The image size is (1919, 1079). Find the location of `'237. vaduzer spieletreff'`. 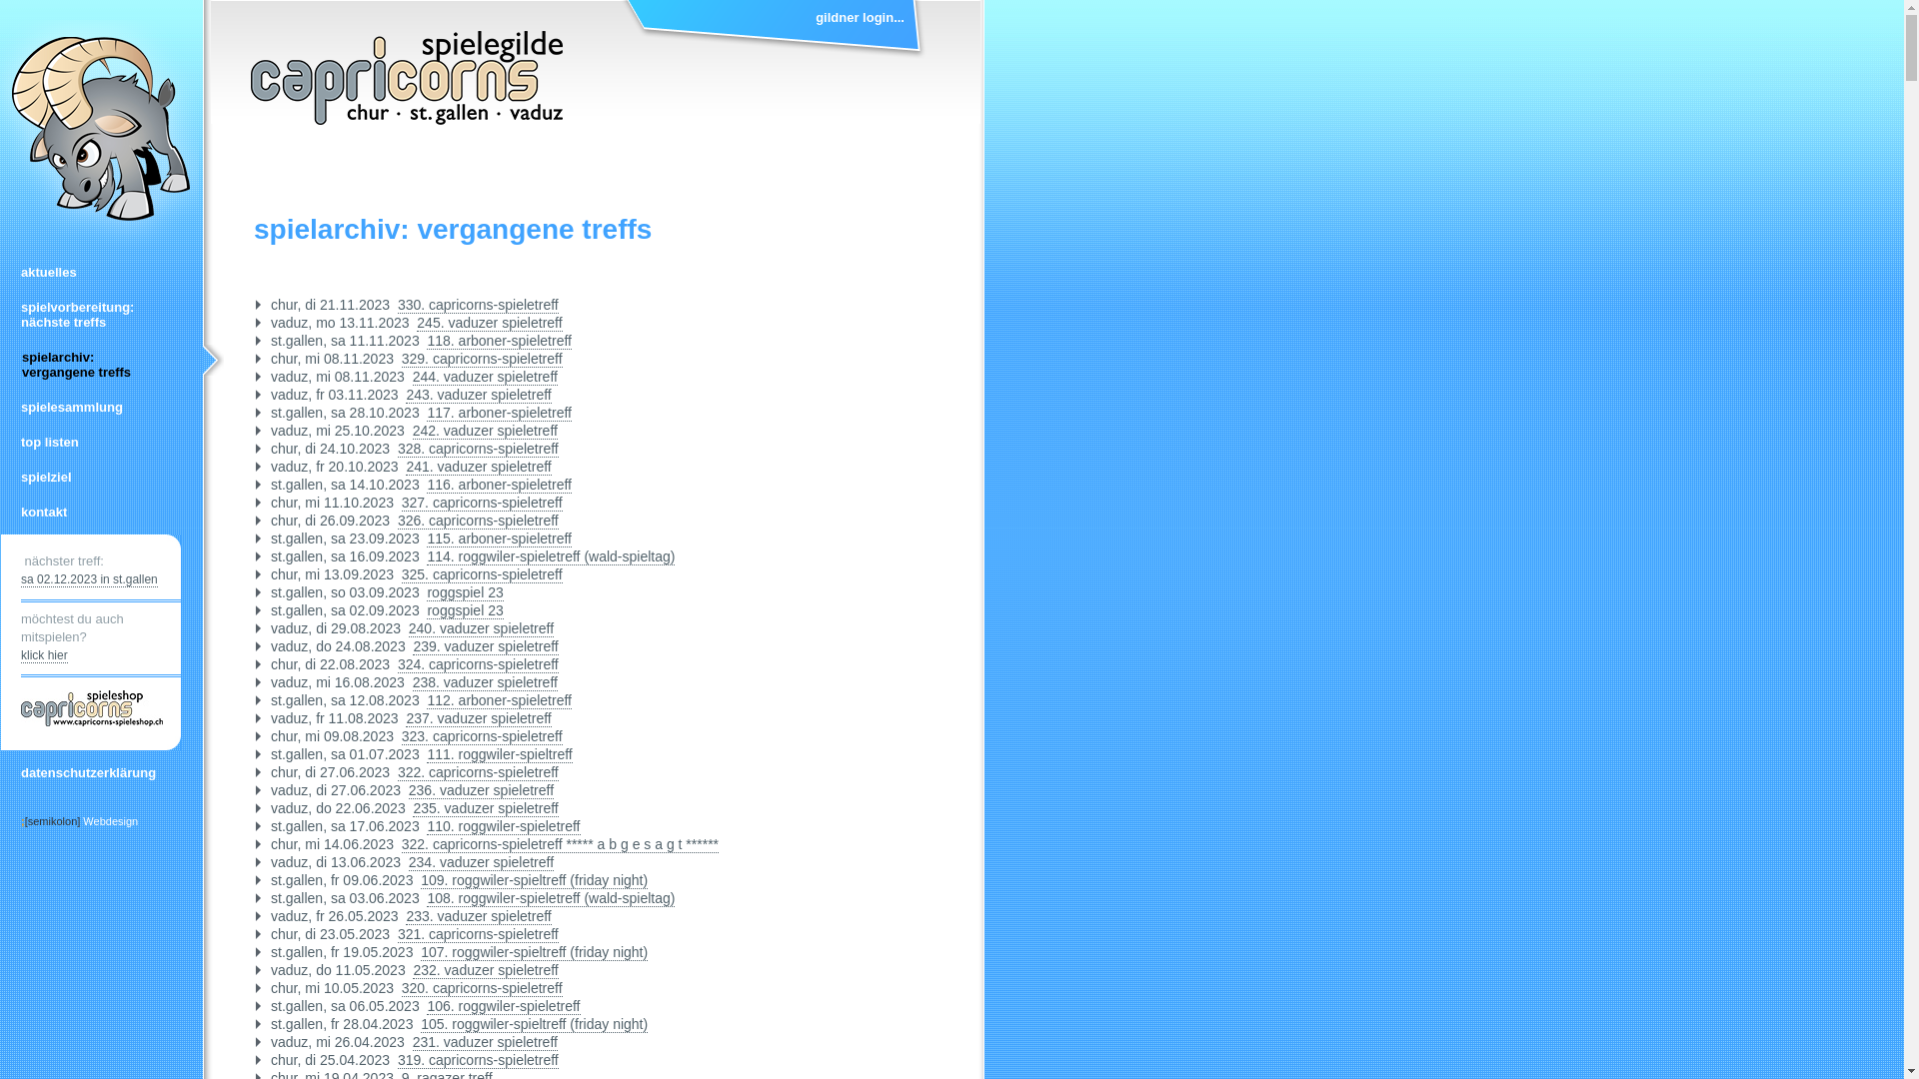

'237. vaduzer spieletreff' is located at coordinates (477, 717).